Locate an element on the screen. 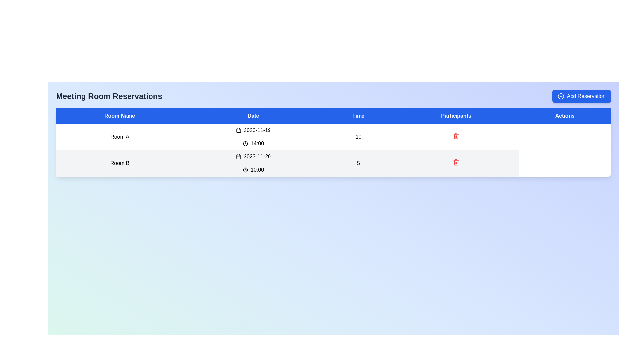  the clock icon located to the left of the time text '14:00' in the Room A row of the table is located at coordinates (245, 143).